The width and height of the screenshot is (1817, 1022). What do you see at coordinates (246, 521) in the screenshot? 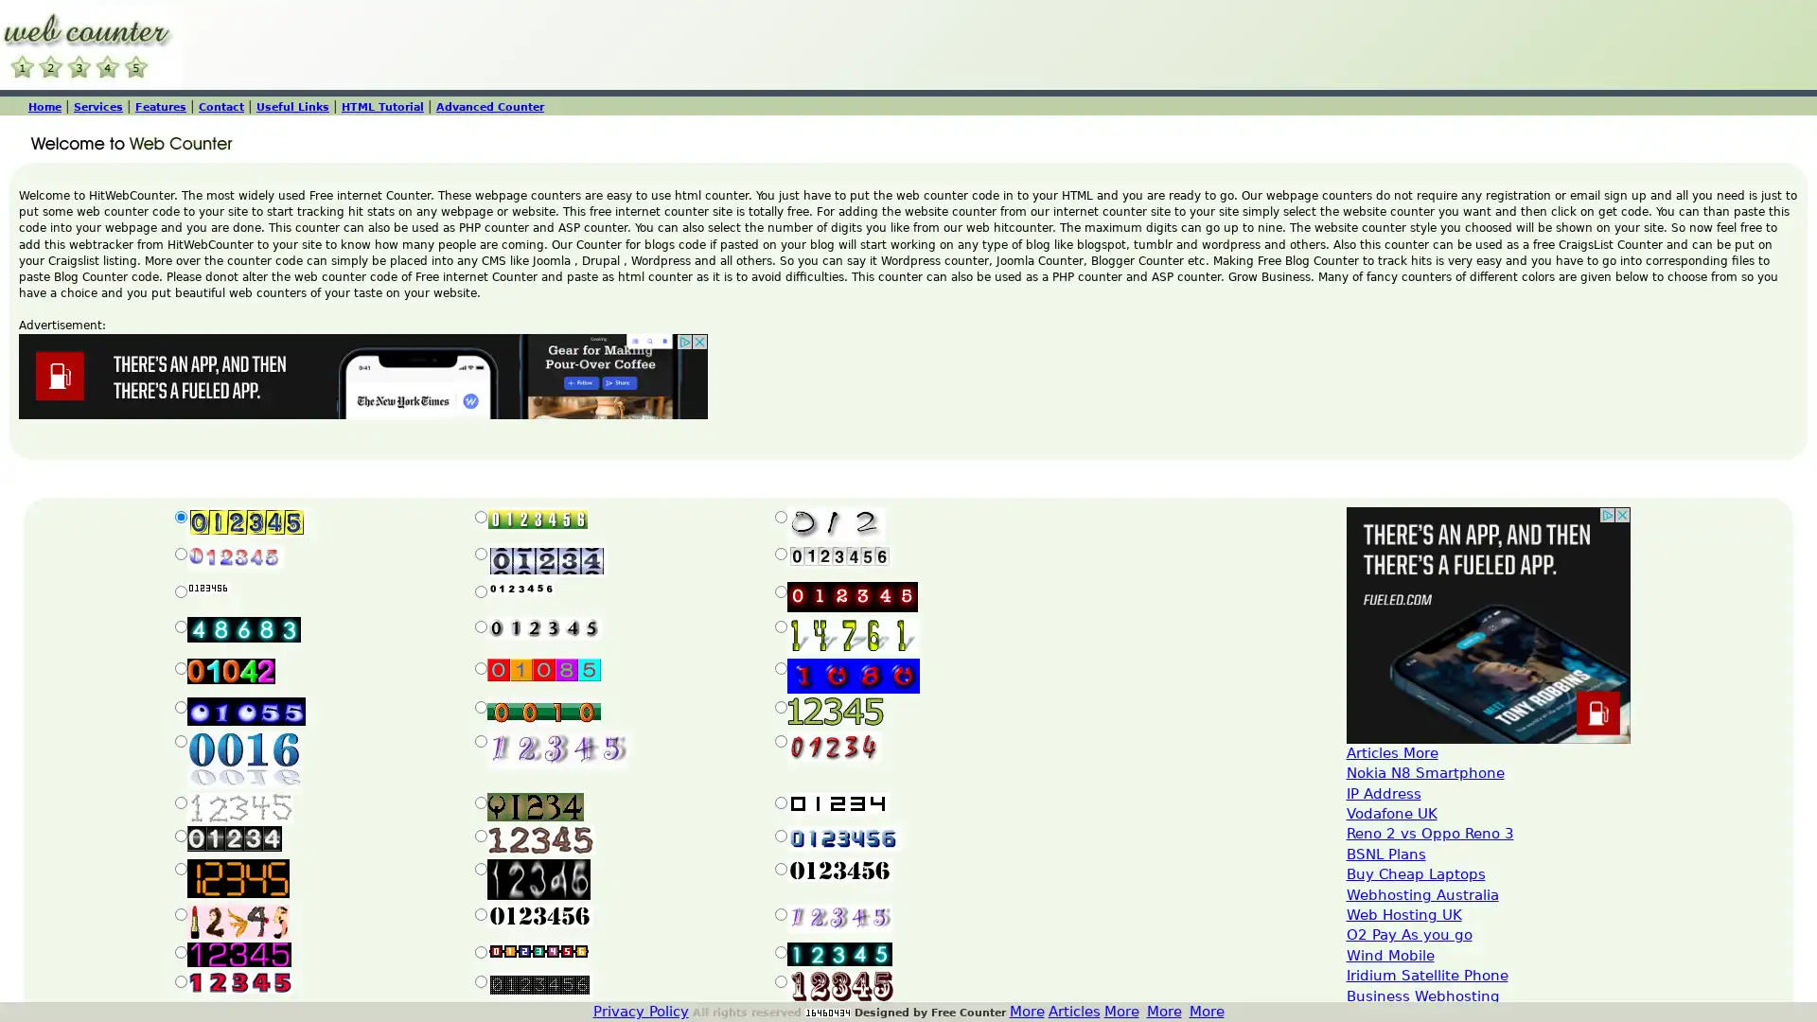
I see `Submit` at bounding box center [246, 521].